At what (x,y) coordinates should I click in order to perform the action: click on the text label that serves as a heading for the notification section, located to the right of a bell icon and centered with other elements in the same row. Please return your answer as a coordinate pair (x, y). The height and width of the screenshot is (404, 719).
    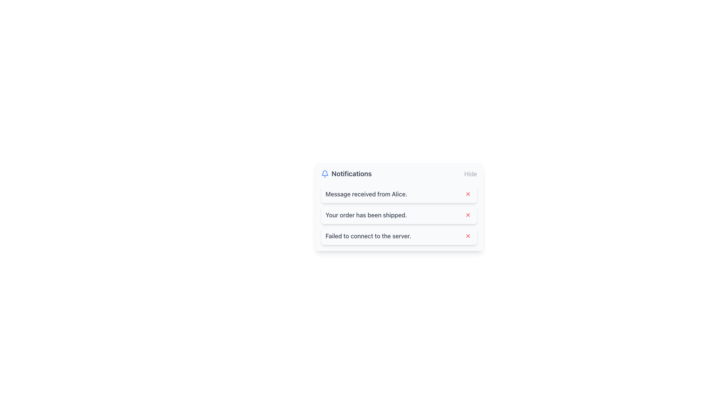
    Looking at the image, I should click on (351, 174).